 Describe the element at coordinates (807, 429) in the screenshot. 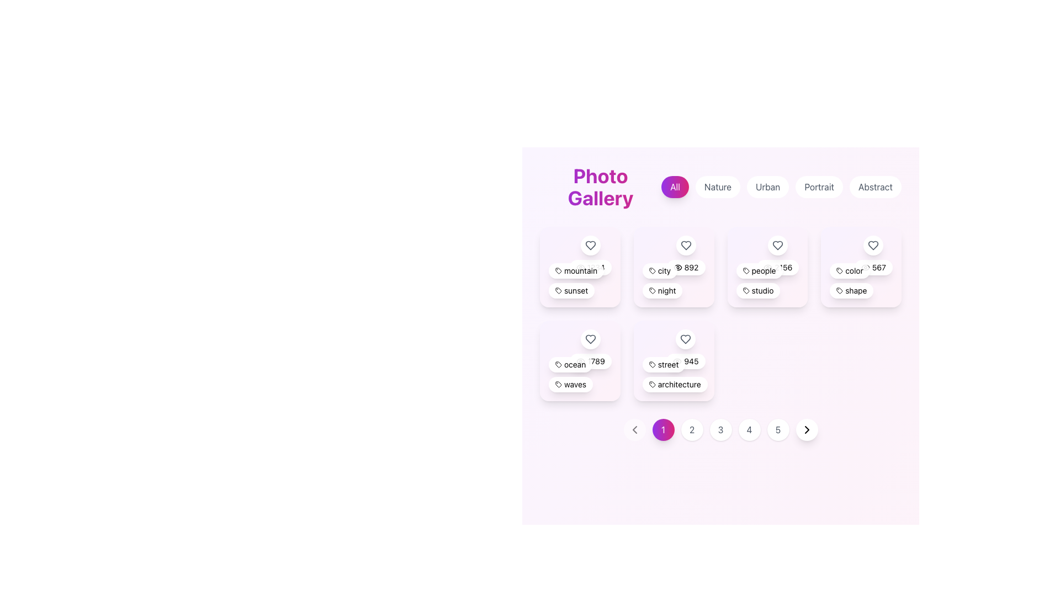

I see `the arrow button located in the bottom-right section of the interface` at that location.